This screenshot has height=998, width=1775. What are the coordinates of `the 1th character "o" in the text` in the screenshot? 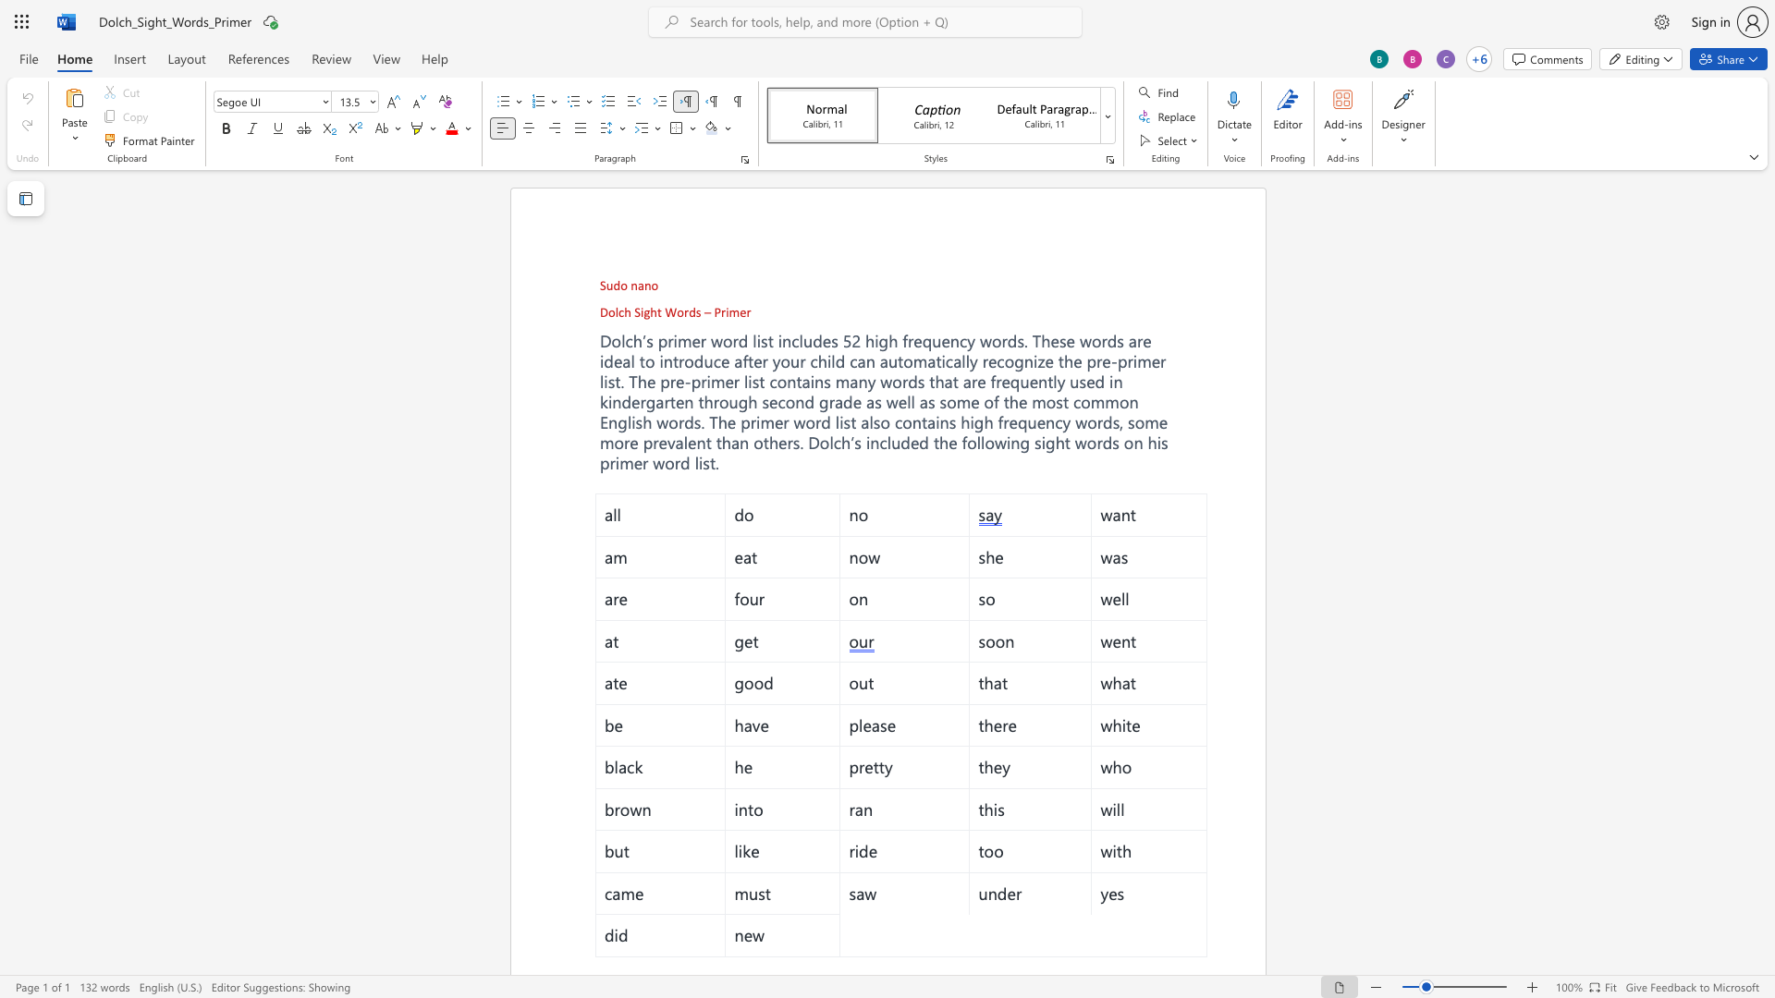 It's located at (611, 311).